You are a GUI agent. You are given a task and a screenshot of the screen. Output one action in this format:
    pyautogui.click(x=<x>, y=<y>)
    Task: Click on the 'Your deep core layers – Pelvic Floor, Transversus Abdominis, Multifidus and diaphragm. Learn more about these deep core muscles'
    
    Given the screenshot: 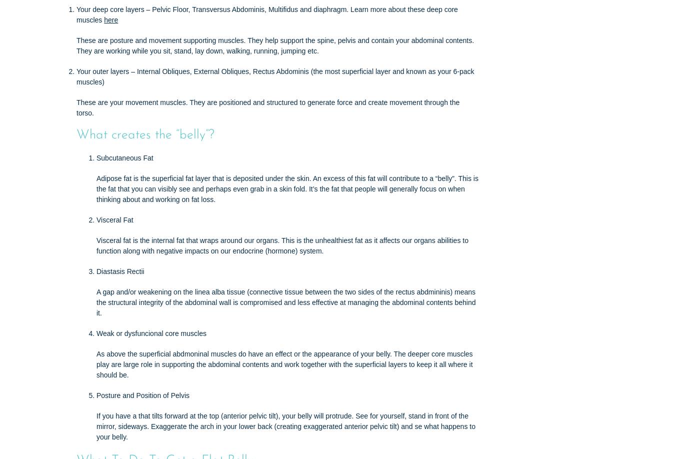 What is the action you would take?
    pyautogui.click(x=266, y=14)
    